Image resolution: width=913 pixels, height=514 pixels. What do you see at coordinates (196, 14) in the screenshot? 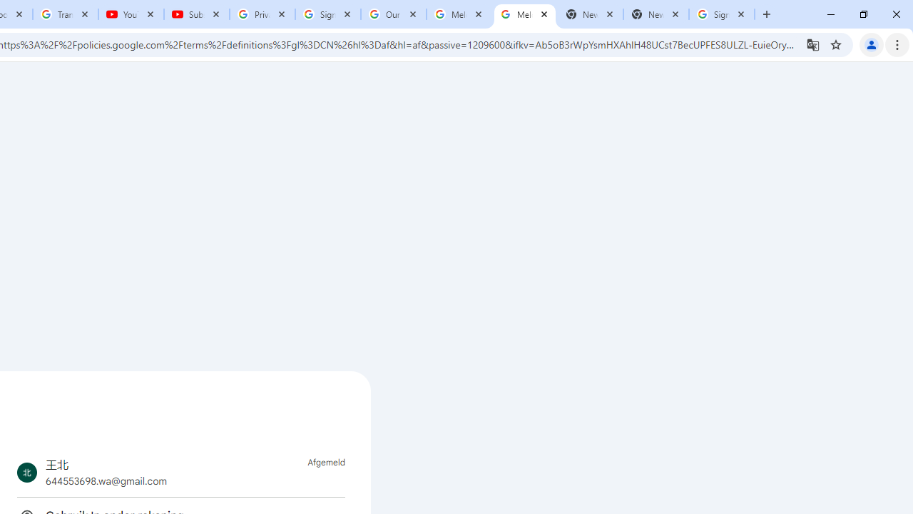
I see `'Subscriptions - YouTube'` at bounding box center [196, 14].